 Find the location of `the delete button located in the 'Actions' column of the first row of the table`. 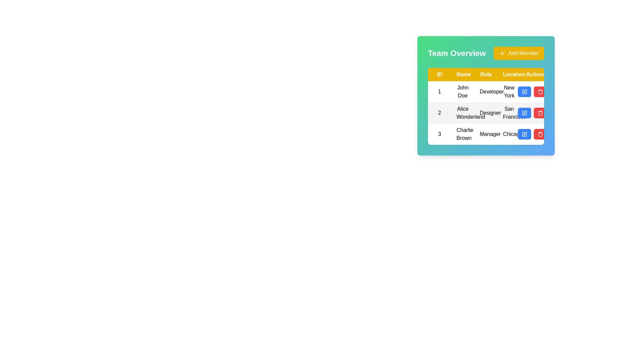

the delete button located in the 'Actions' column of the first row of the table is located at coordinates (540, 92).